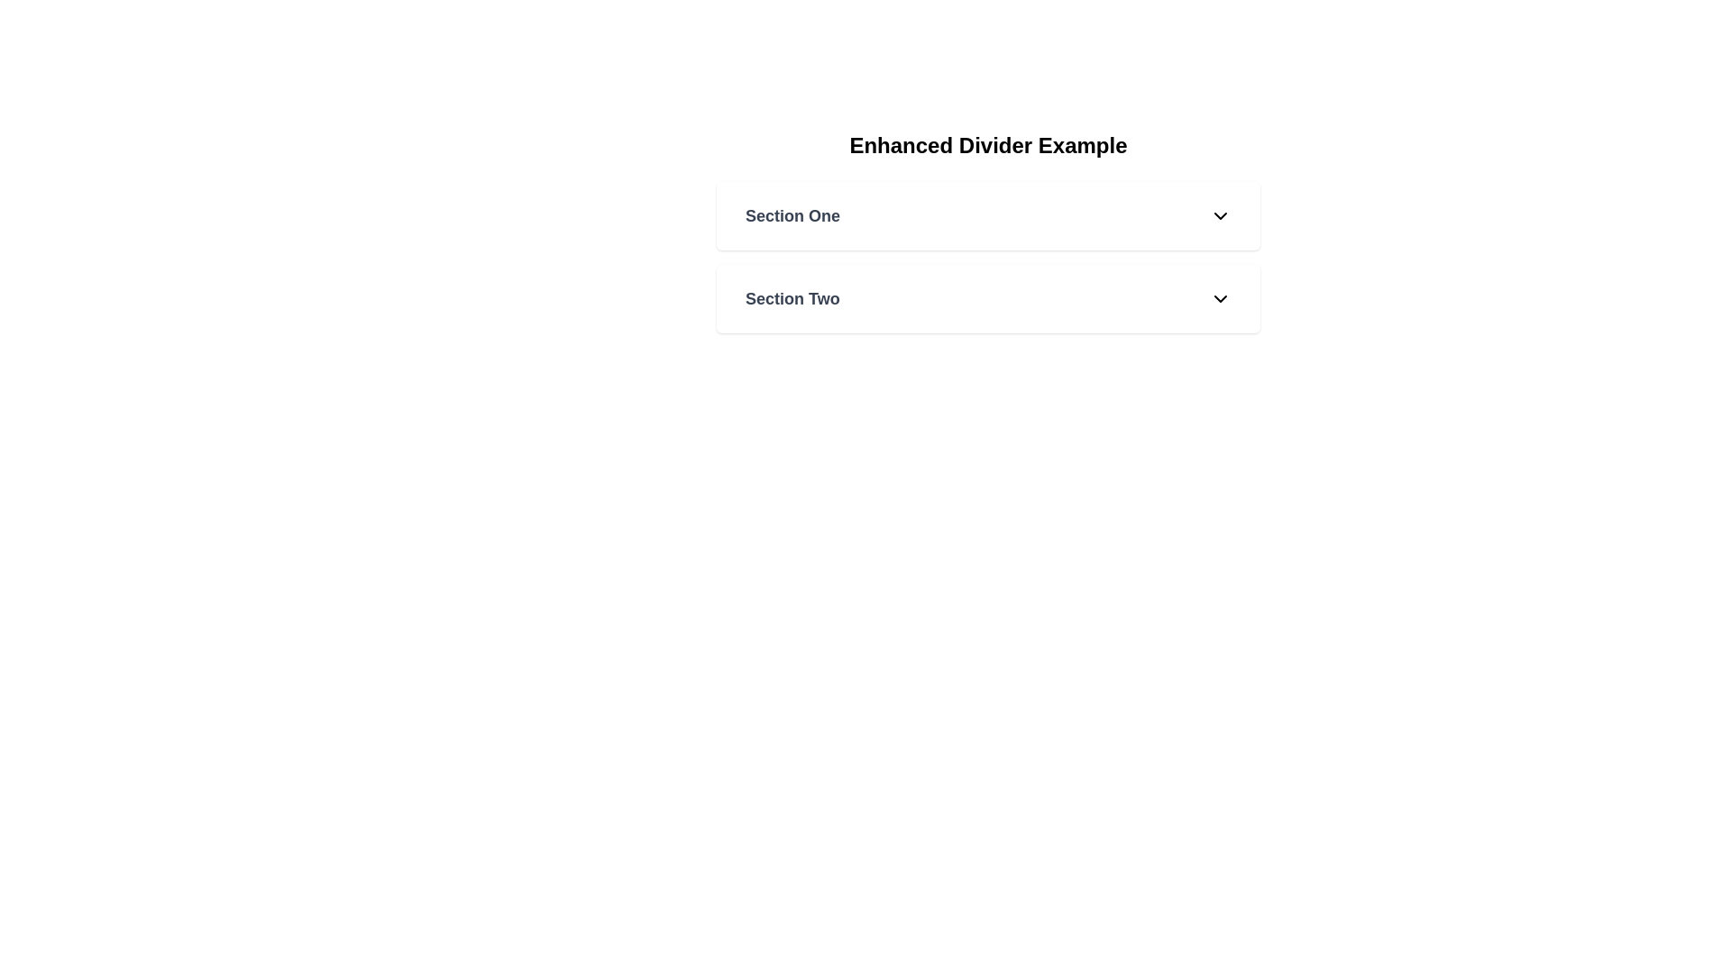 The width and height of the screenshot is (1731, 973). Describe the element at coordinates (1220, 297) in the screenshot. I see `the downward pointing arrow icon, which is styled with a black stroke and located to the right of the 'Section Two' label` at that location.